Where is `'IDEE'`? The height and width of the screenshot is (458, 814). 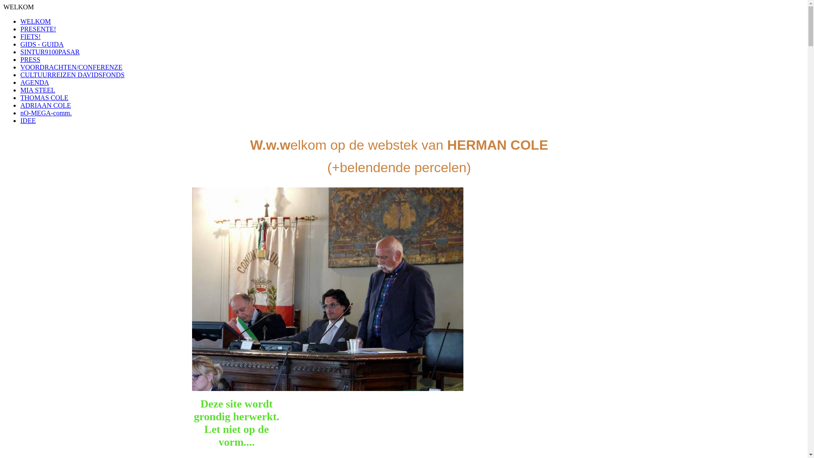 'IDEE' is located at coordinates (28, 120).